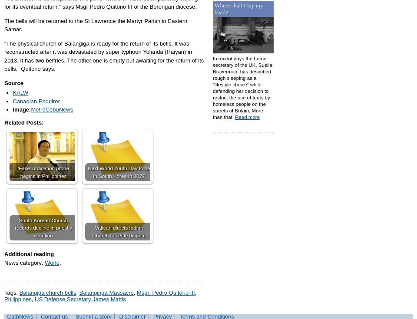  What do you see at coordinates (96, 25) in the screenshot?
I see `'The bells will be returned to the St Lawrence the Martyr Parish in Eastern Samar.'` at bounding box center [96, 25].